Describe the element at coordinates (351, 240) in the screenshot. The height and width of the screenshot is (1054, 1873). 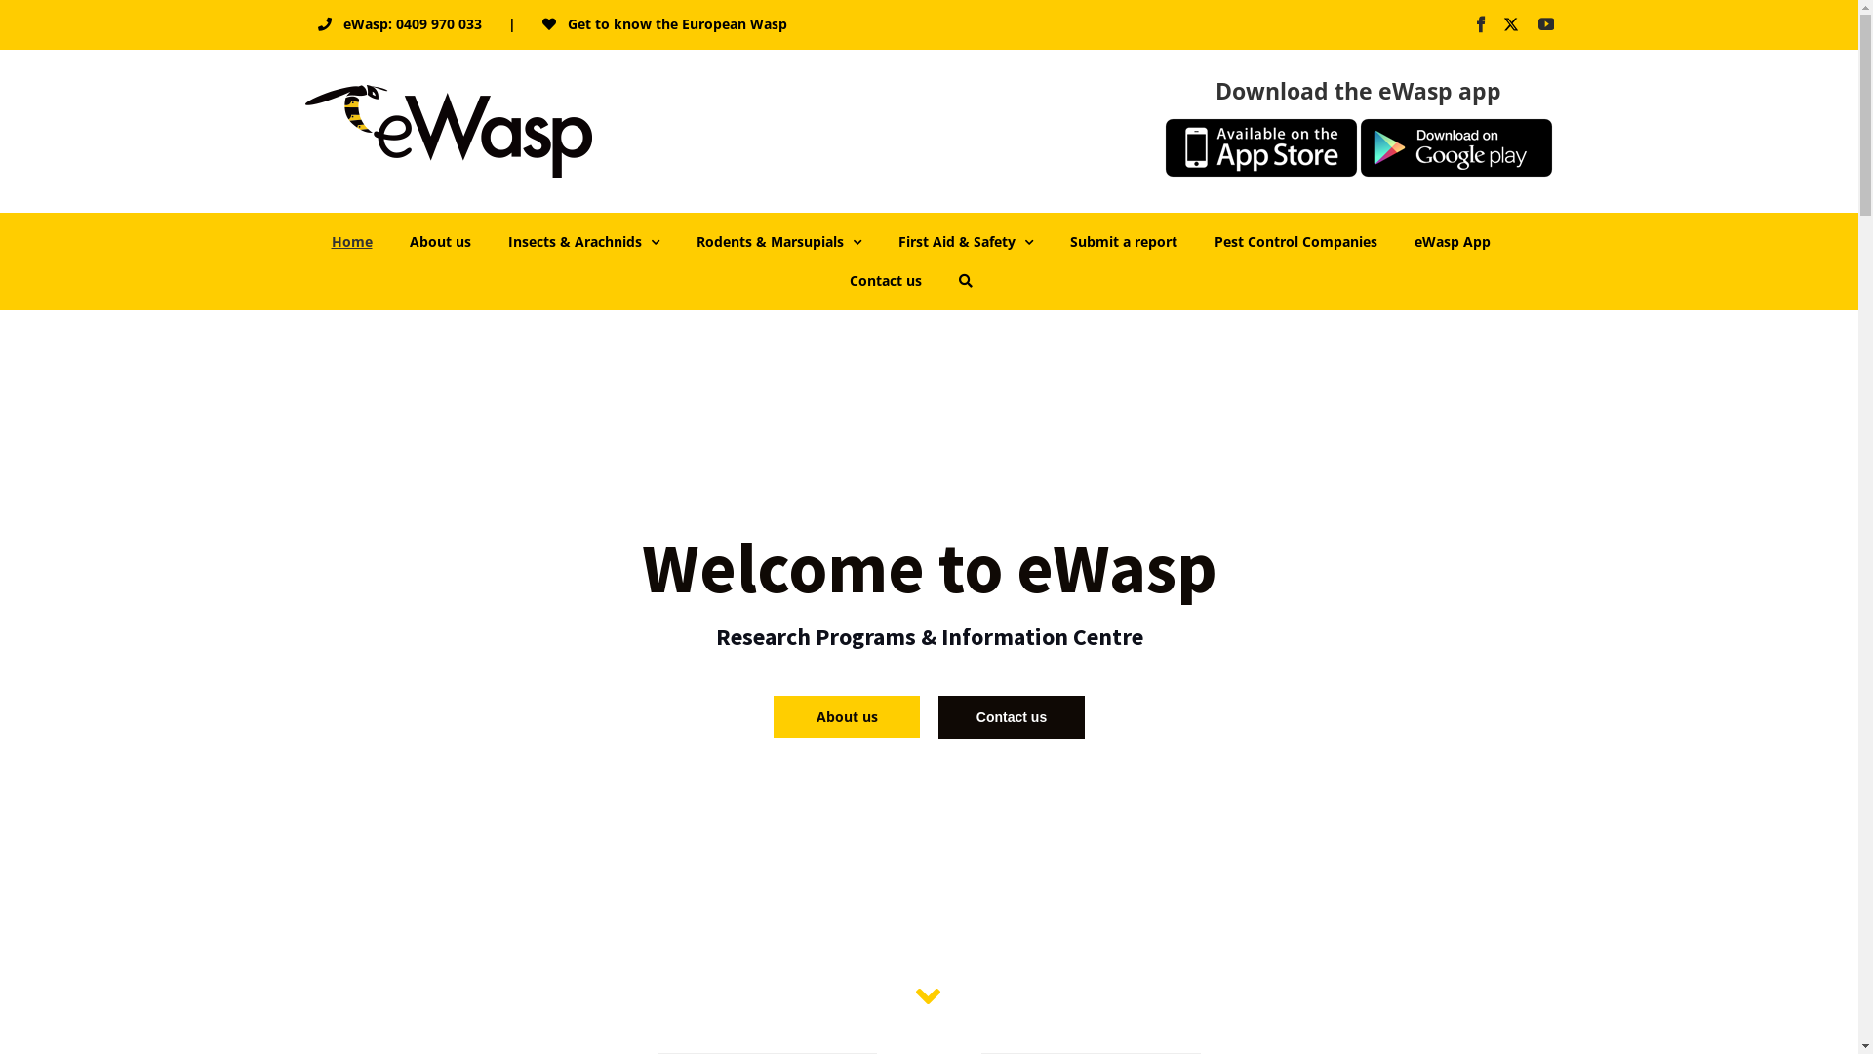
I see `'Home'` at that location.